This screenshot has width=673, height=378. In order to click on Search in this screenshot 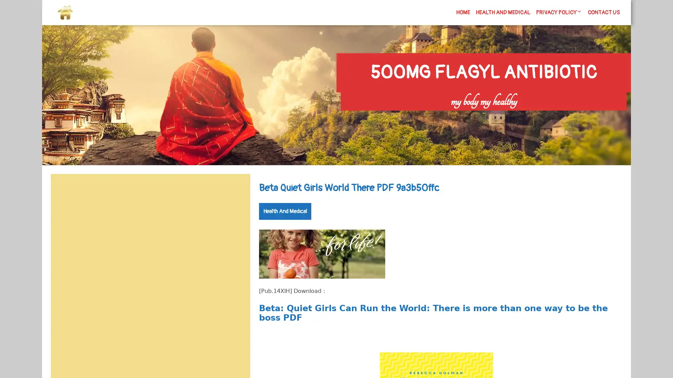, I will do `click(546, 114)`.